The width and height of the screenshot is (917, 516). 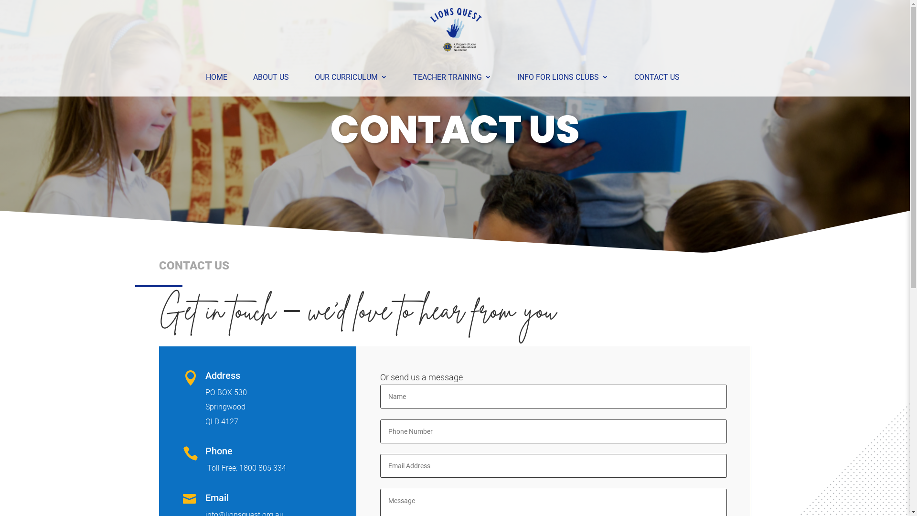 What do you see at coordinates (451, 77) in the screenshot?
I see `'TEACHER TRAINING'` at bounding box center [451, 77].